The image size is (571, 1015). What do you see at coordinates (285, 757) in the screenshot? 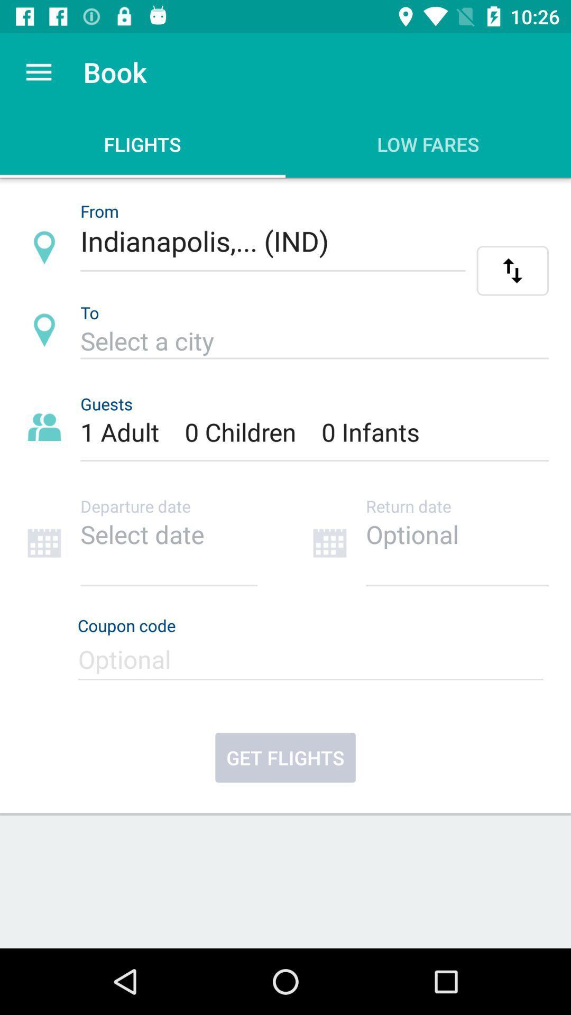
I see `get flights` at bounding box center [285, 757].